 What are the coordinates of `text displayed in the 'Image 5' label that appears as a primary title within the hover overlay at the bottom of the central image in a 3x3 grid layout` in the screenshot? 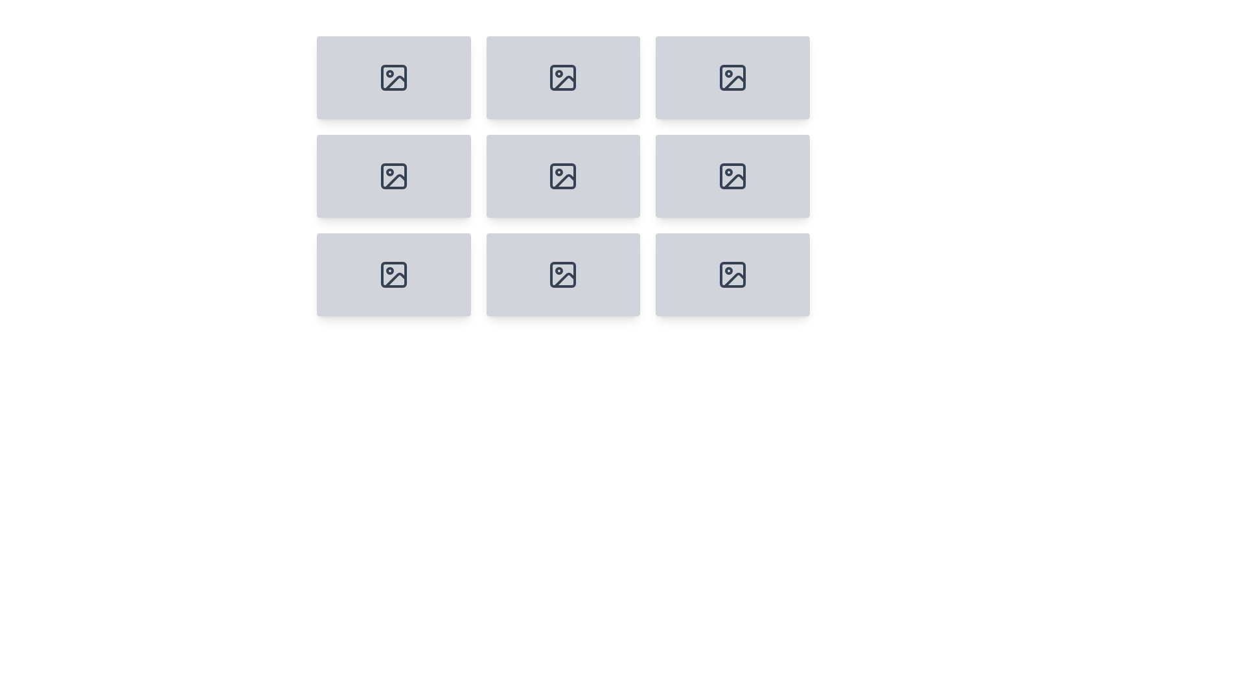 It's located at (563, 177).